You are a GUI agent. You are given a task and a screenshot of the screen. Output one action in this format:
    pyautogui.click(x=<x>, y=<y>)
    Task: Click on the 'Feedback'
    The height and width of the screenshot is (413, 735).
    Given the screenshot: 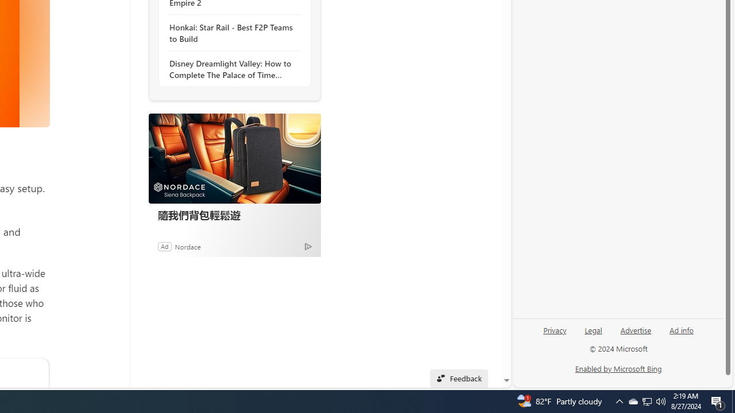 What is the action you would take?
    pyautogui.click(x=458, y=378)
    